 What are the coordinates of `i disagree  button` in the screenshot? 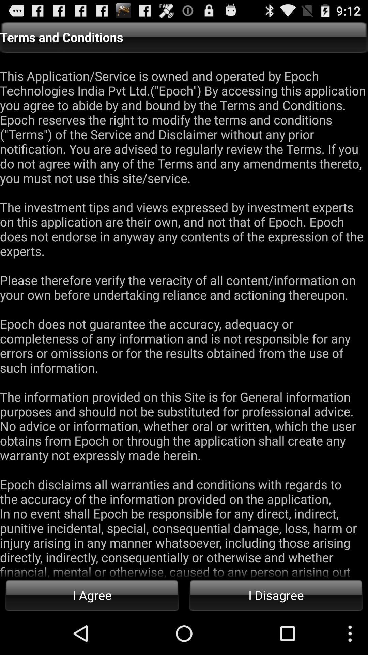 It's located at (276, 595).